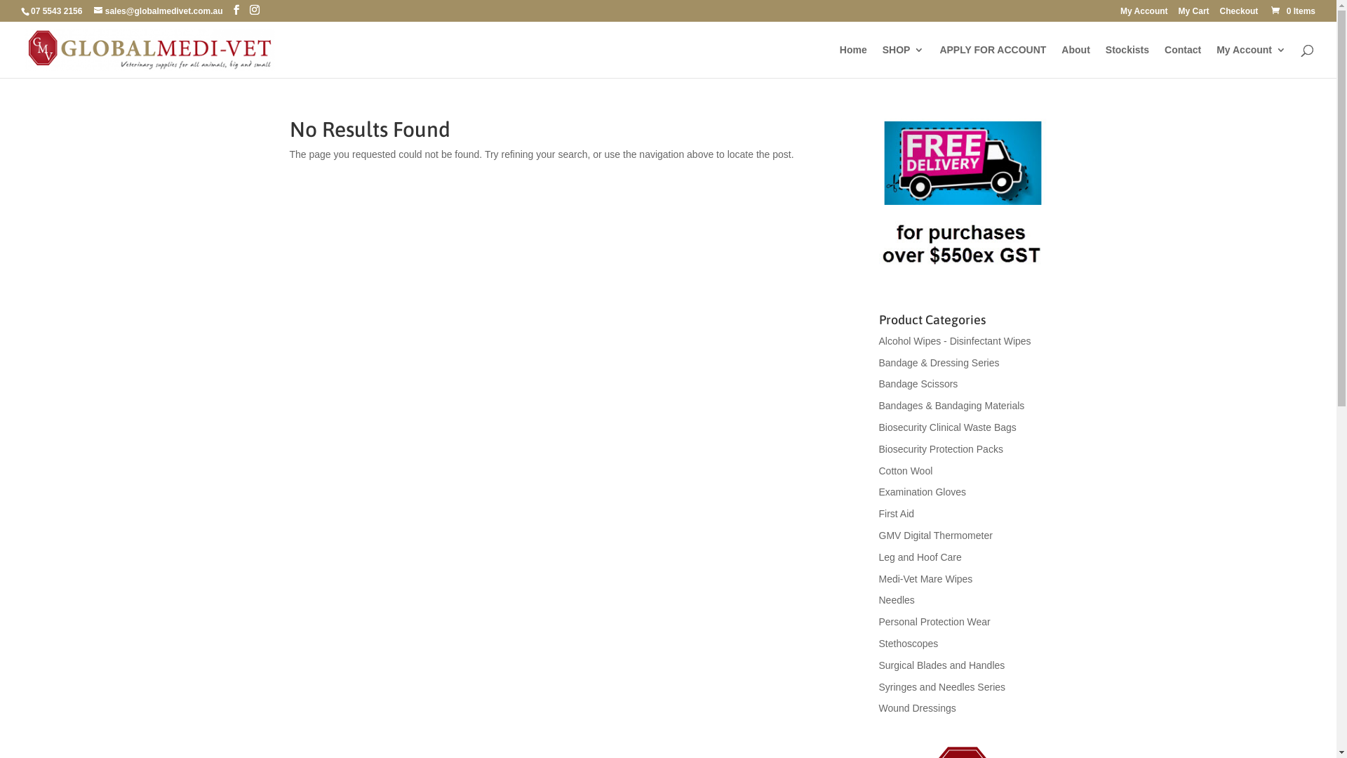  What do you see at coordinates (878, 449) in the screenshot?
I see `'Biosecurity Protection Packs'` at bounding box center [878, 449].